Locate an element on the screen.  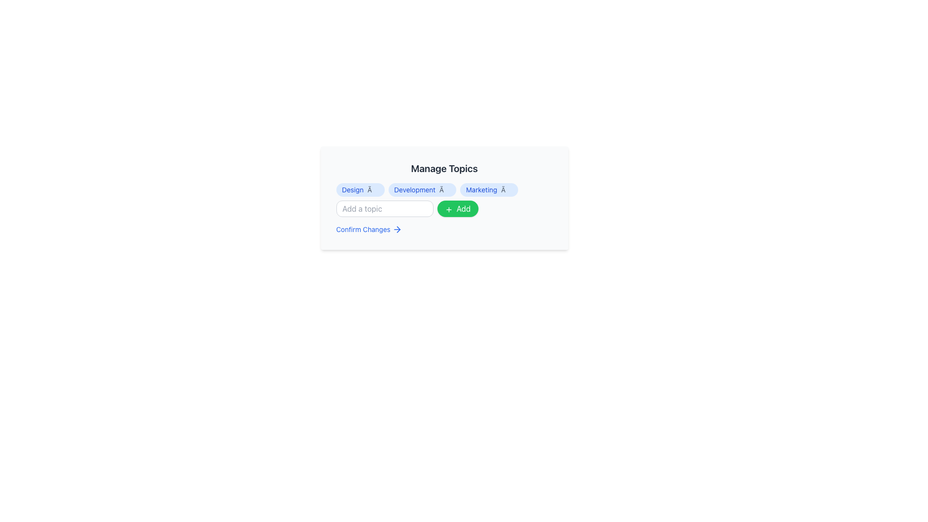
the '×' on the 'Marketing ×' pill-shaped button with a light blue background is located at coordinates (489, 190).